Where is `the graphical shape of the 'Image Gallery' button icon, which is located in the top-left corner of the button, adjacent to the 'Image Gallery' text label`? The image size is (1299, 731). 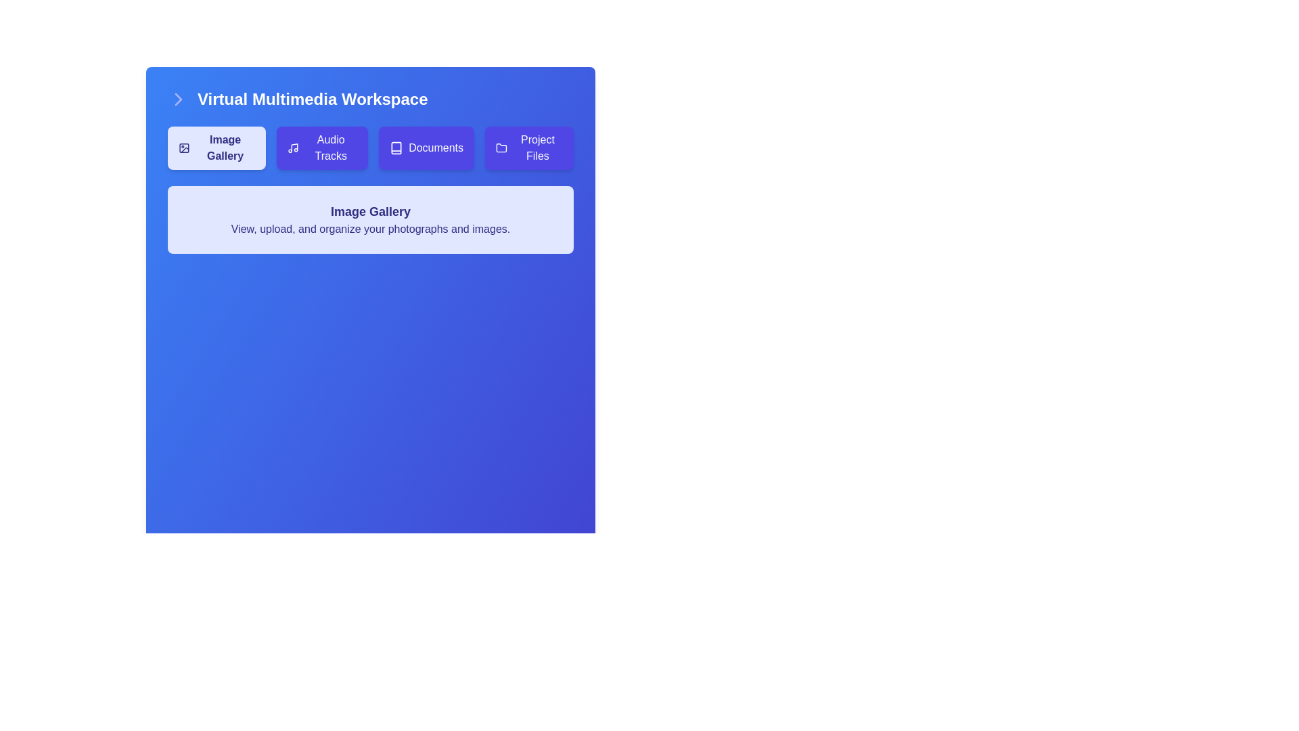 the graphical shape of the 'Image Gallery' button icon, which is located in the top-left corner of the button, adjacent to the 'Image Gallery' text label is located at coordinates (183, 148).